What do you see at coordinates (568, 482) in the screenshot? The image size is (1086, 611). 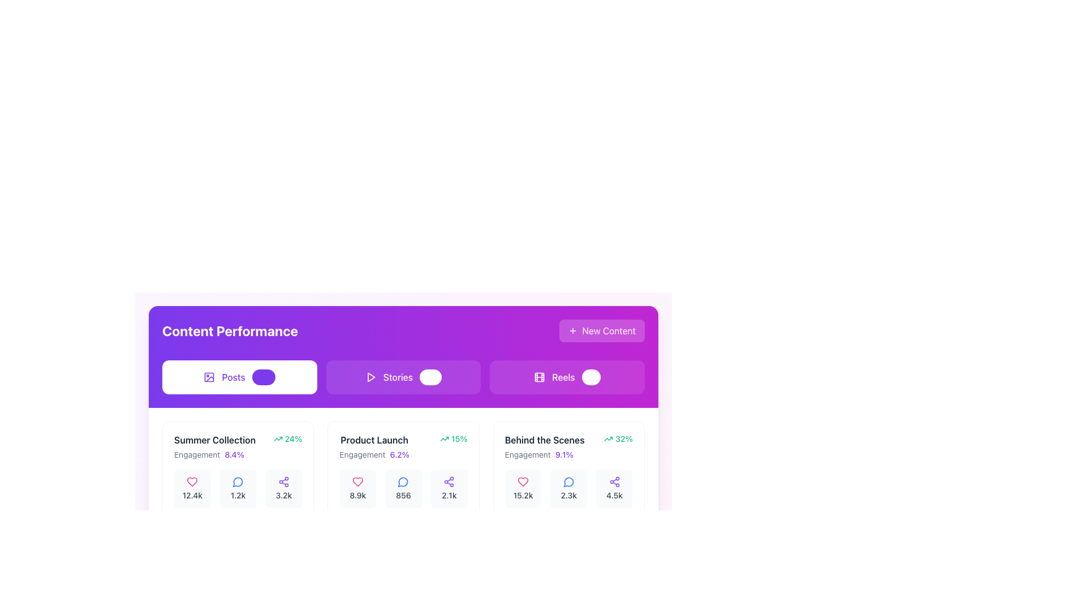 I see `the comments icon located in the middle of the three icons` at bounding box center [568, 482].